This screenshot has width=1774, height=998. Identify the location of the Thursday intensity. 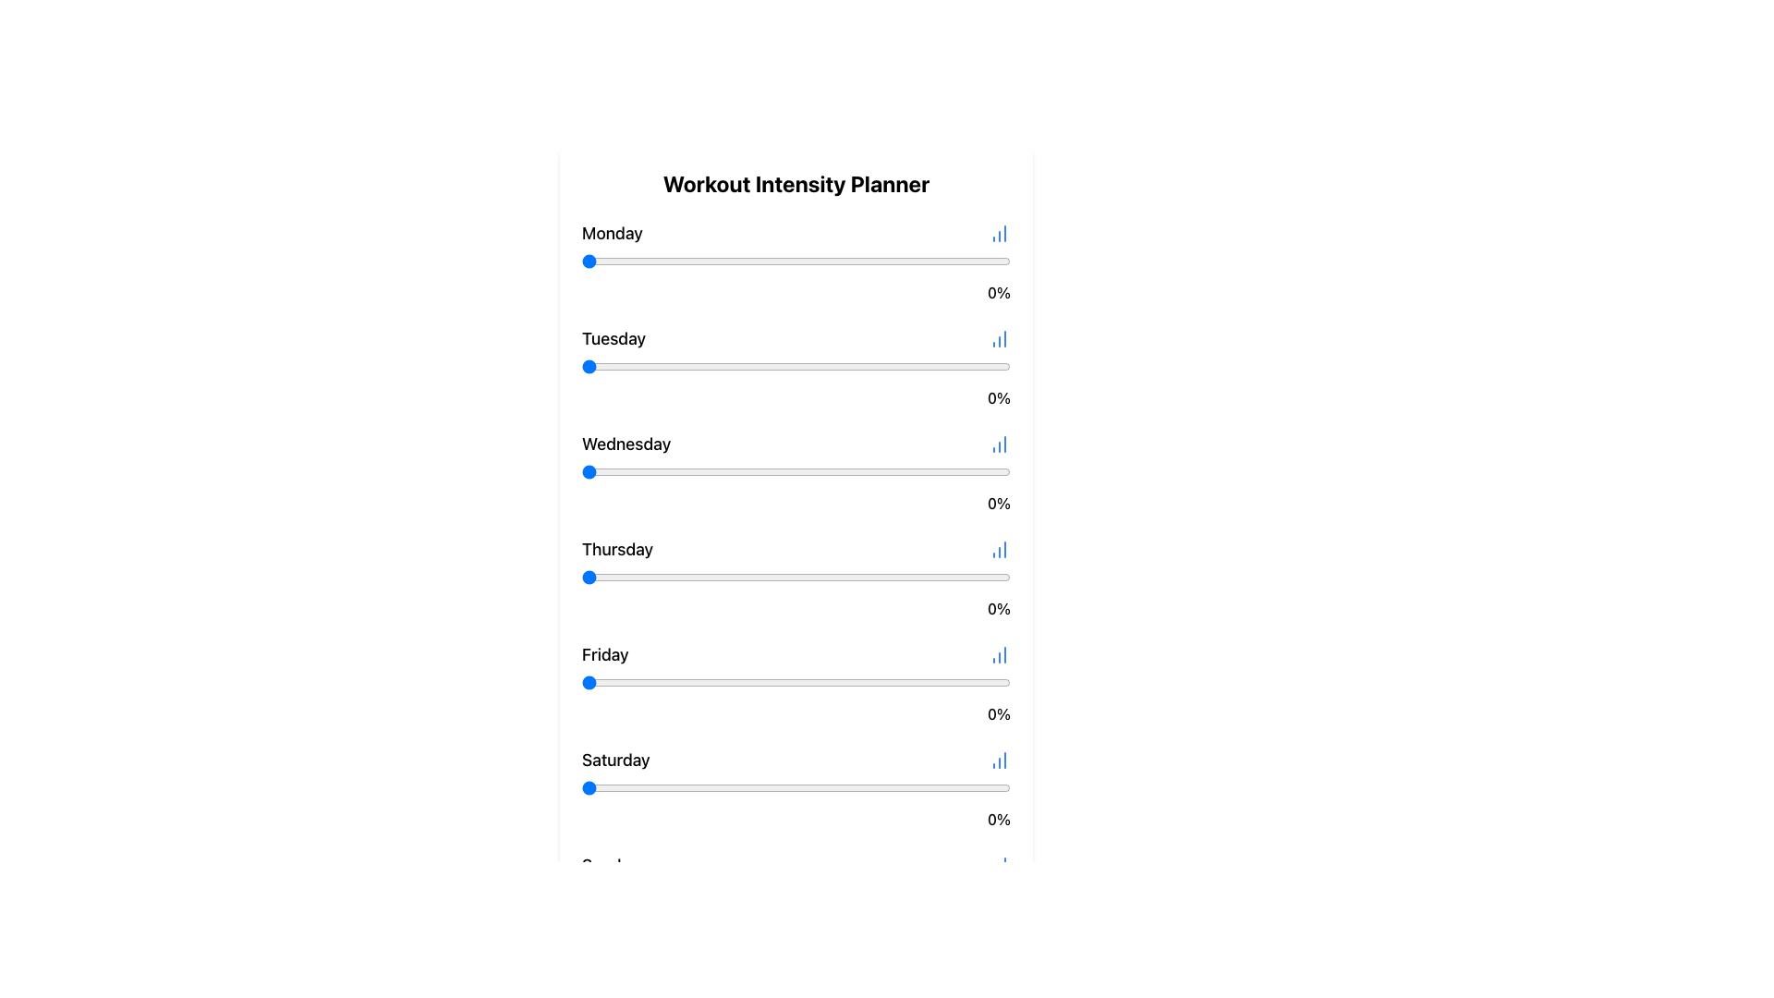
(938, 576).